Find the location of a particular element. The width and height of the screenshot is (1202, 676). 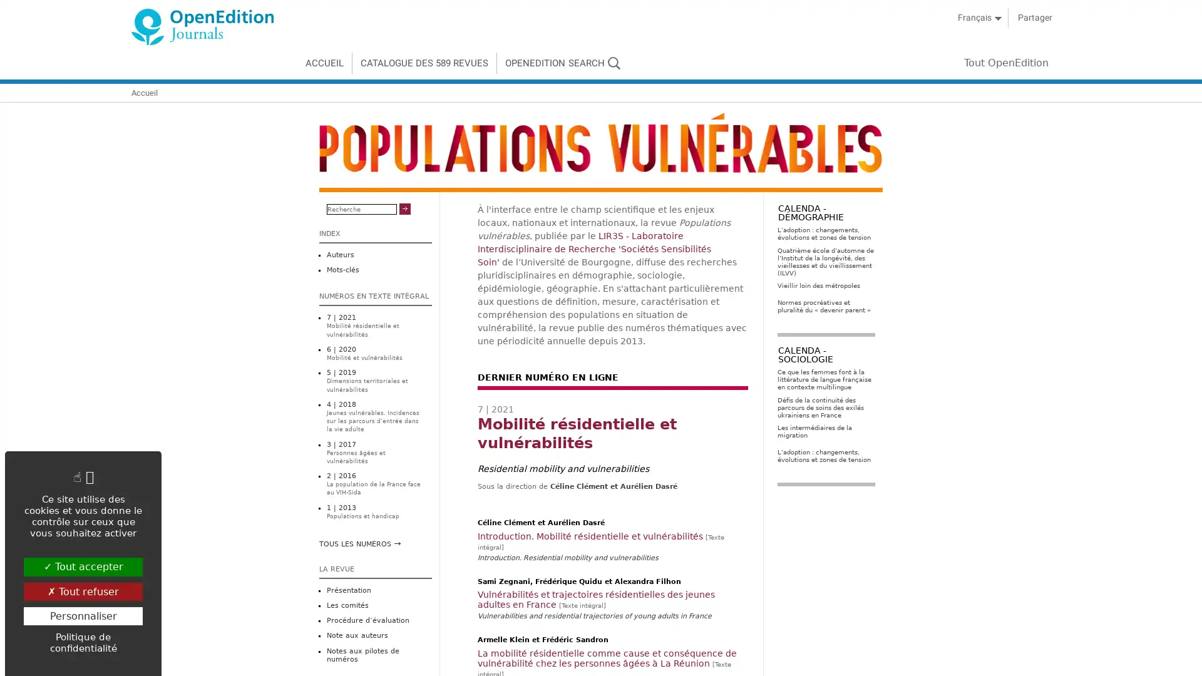

Personnaliser (fenetre modale) is located at coordinates (83, 615).